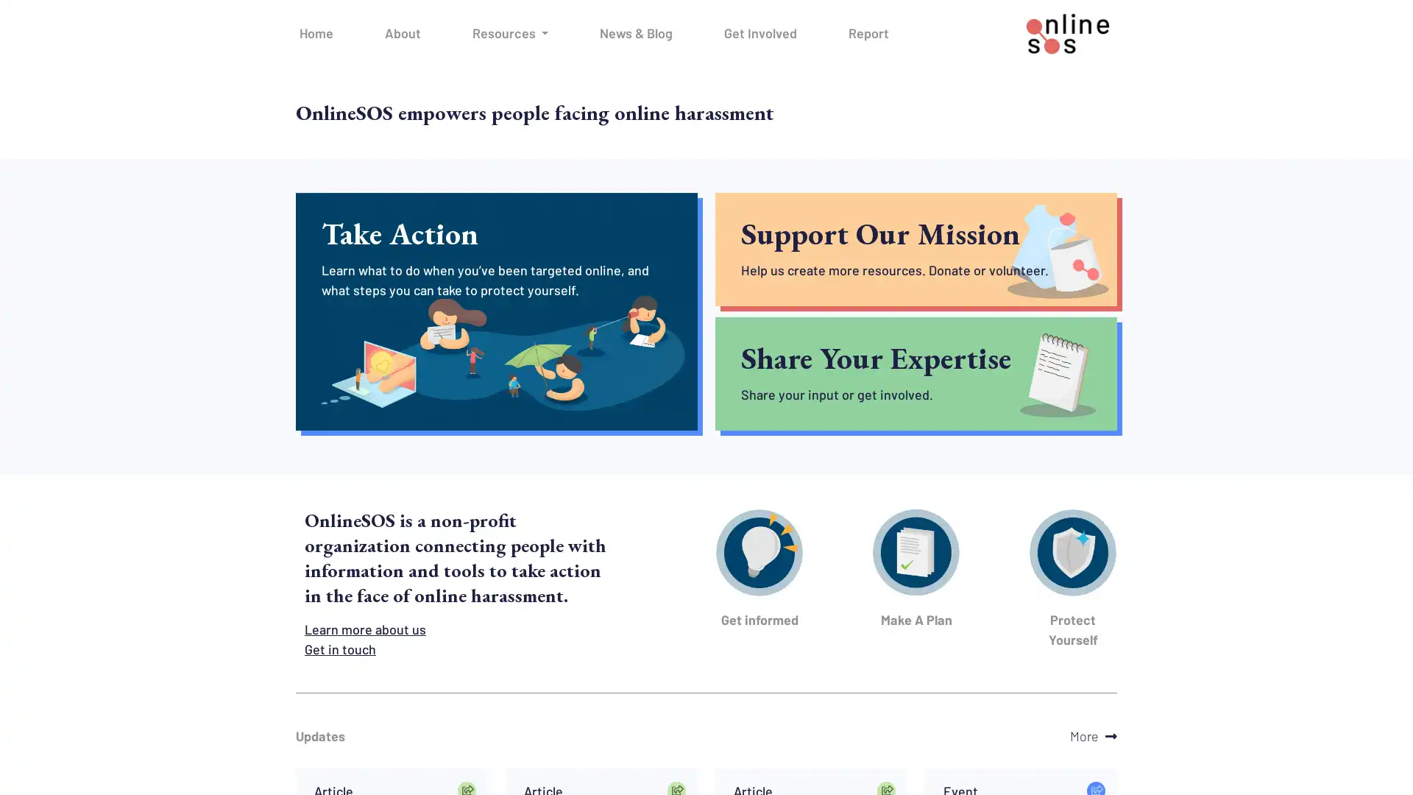  Describe the element at coordinates (509, 32) in the screenshot. I see `Resources` at that location.